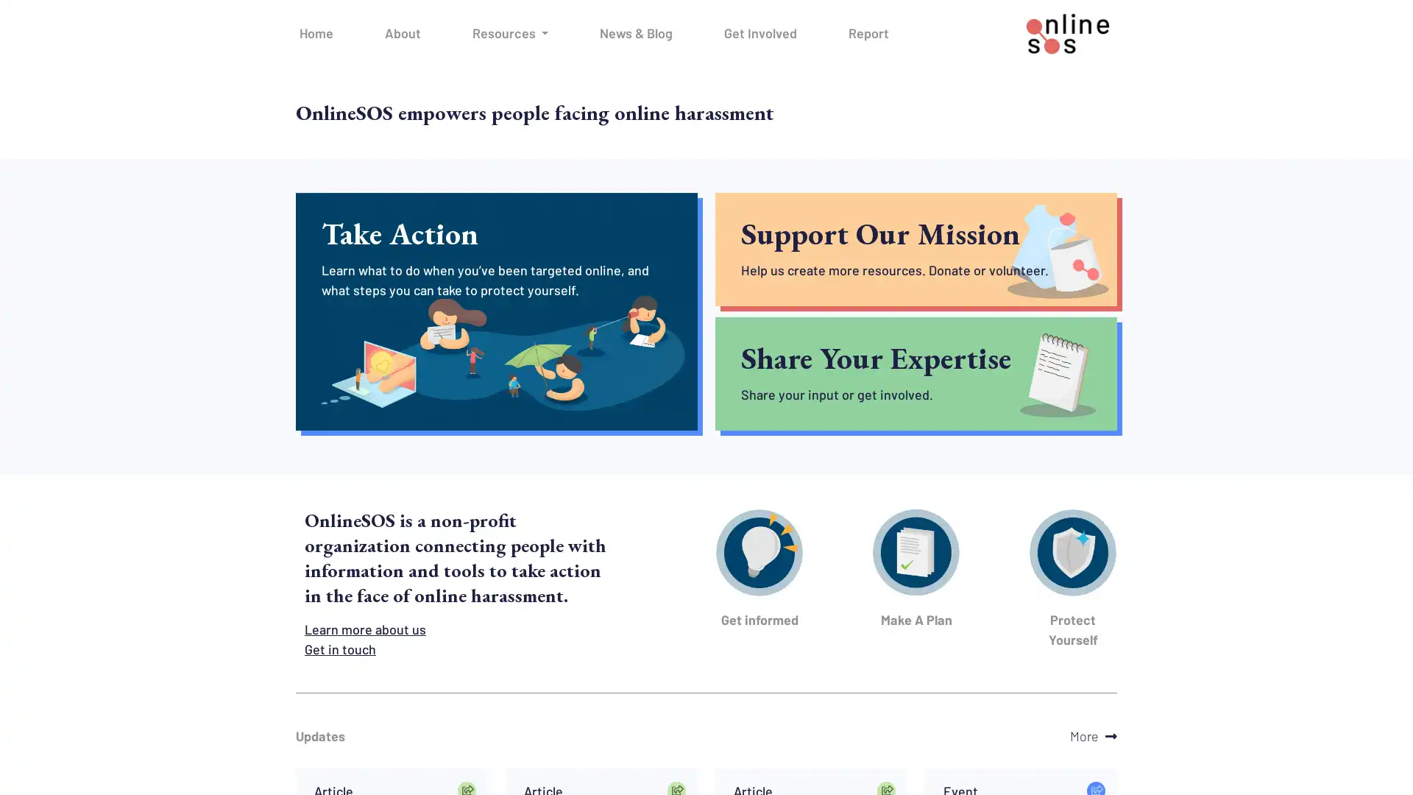  Describe the element at coordinates (509, 32) in the screenshot. I see `Resources` at that location.